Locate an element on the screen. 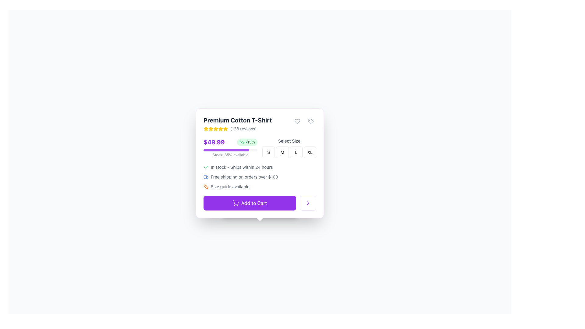 Image resolution: width=585 pixels, height=329 pixels. the small blue truck icon located to the left of the 'Free shipping on orders over $100' text block is located at coordinates (206, 177).